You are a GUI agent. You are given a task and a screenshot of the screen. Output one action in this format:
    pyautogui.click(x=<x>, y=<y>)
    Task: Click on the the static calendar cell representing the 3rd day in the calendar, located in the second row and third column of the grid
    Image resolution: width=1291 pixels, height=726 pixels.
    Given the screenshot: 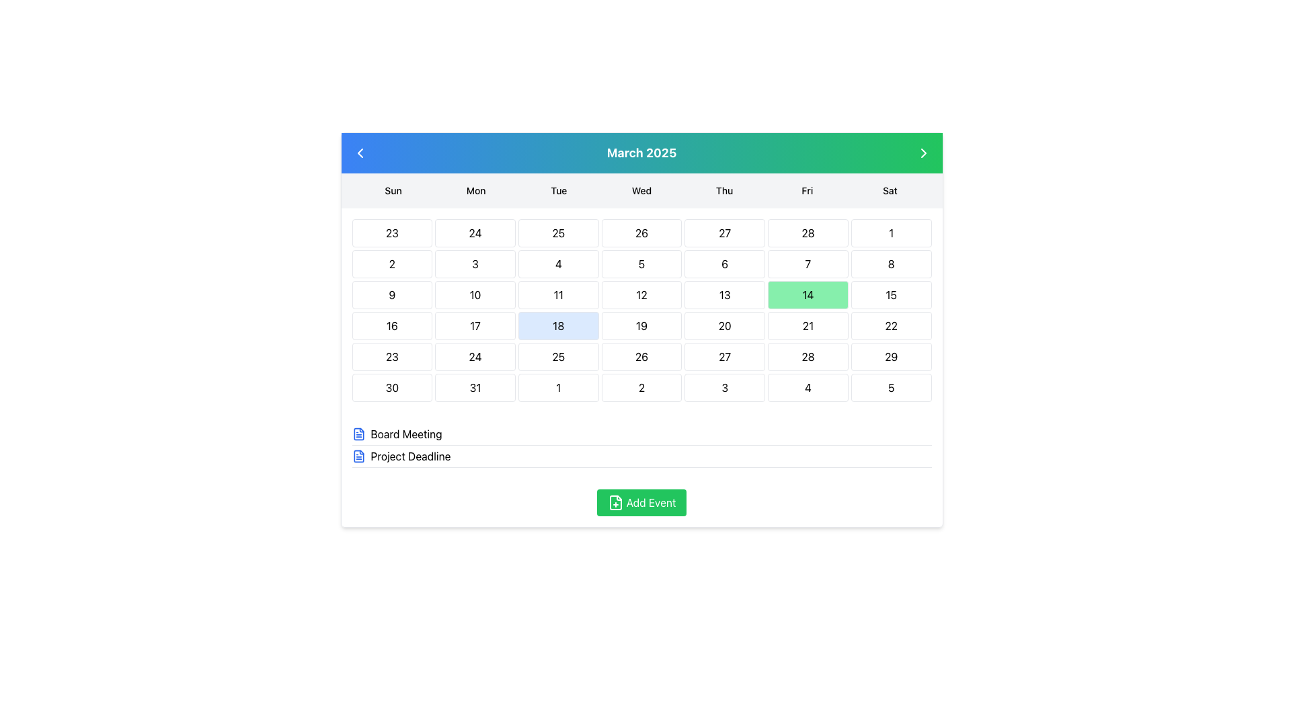 What is the action you would take?
    pyautogui.click(x=475, y=264)
    